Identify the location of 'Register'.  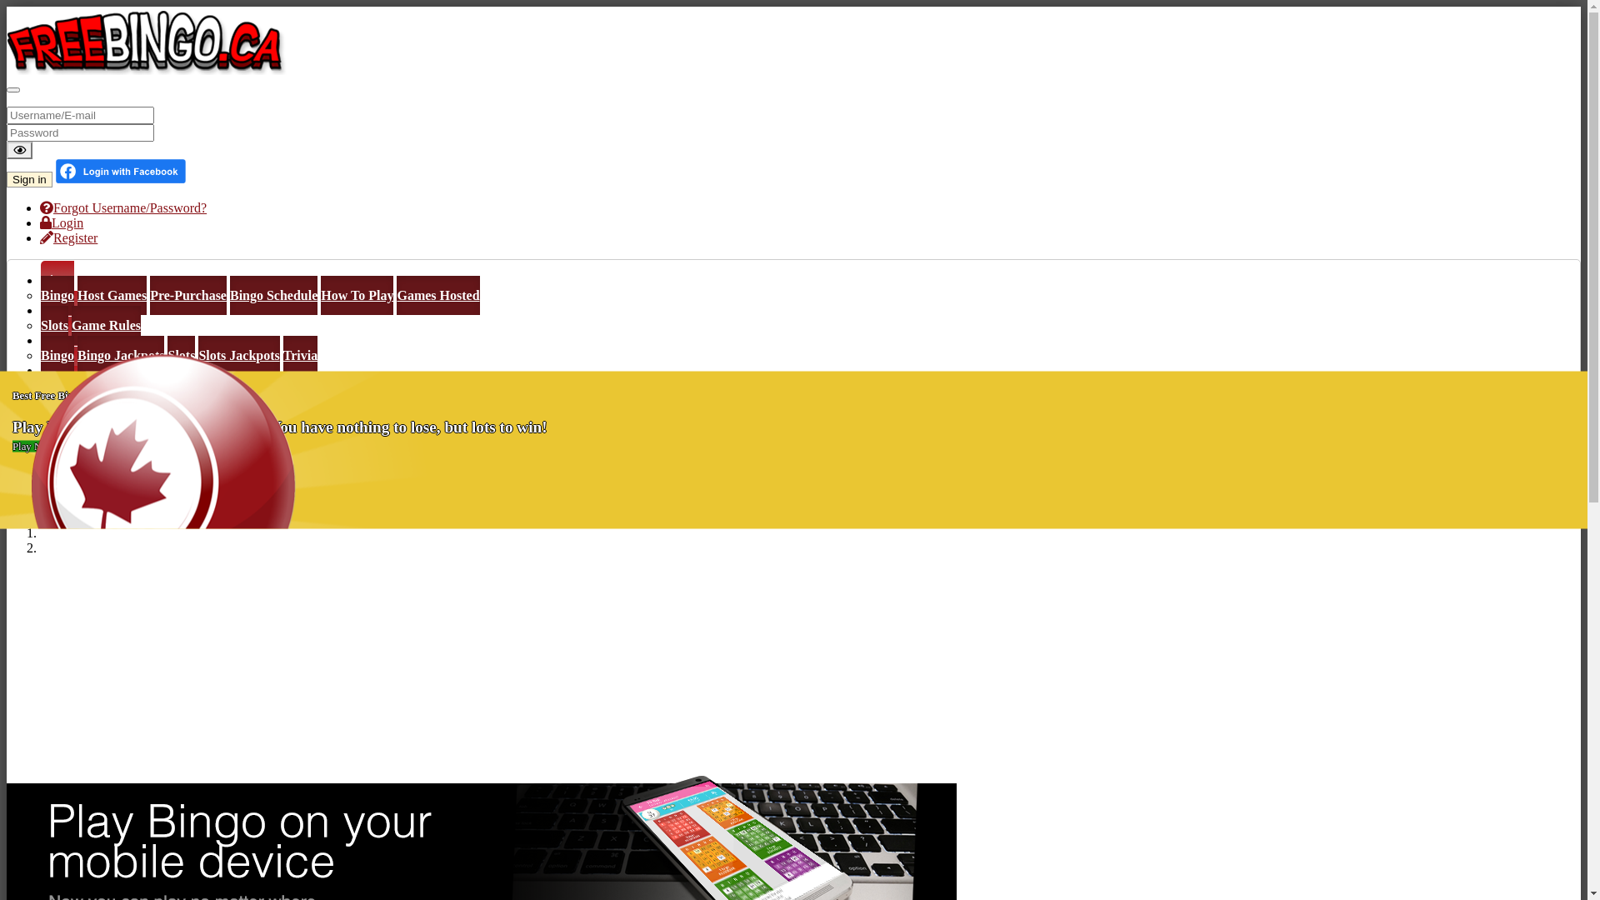
(67, 237).